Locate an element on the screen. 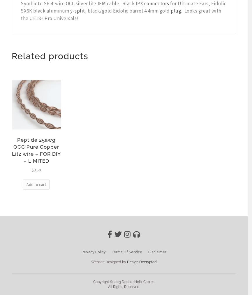 Image resolution: width=252 pixels, height=295 pixels. 'IEM' is located at coordinates (101, 3).